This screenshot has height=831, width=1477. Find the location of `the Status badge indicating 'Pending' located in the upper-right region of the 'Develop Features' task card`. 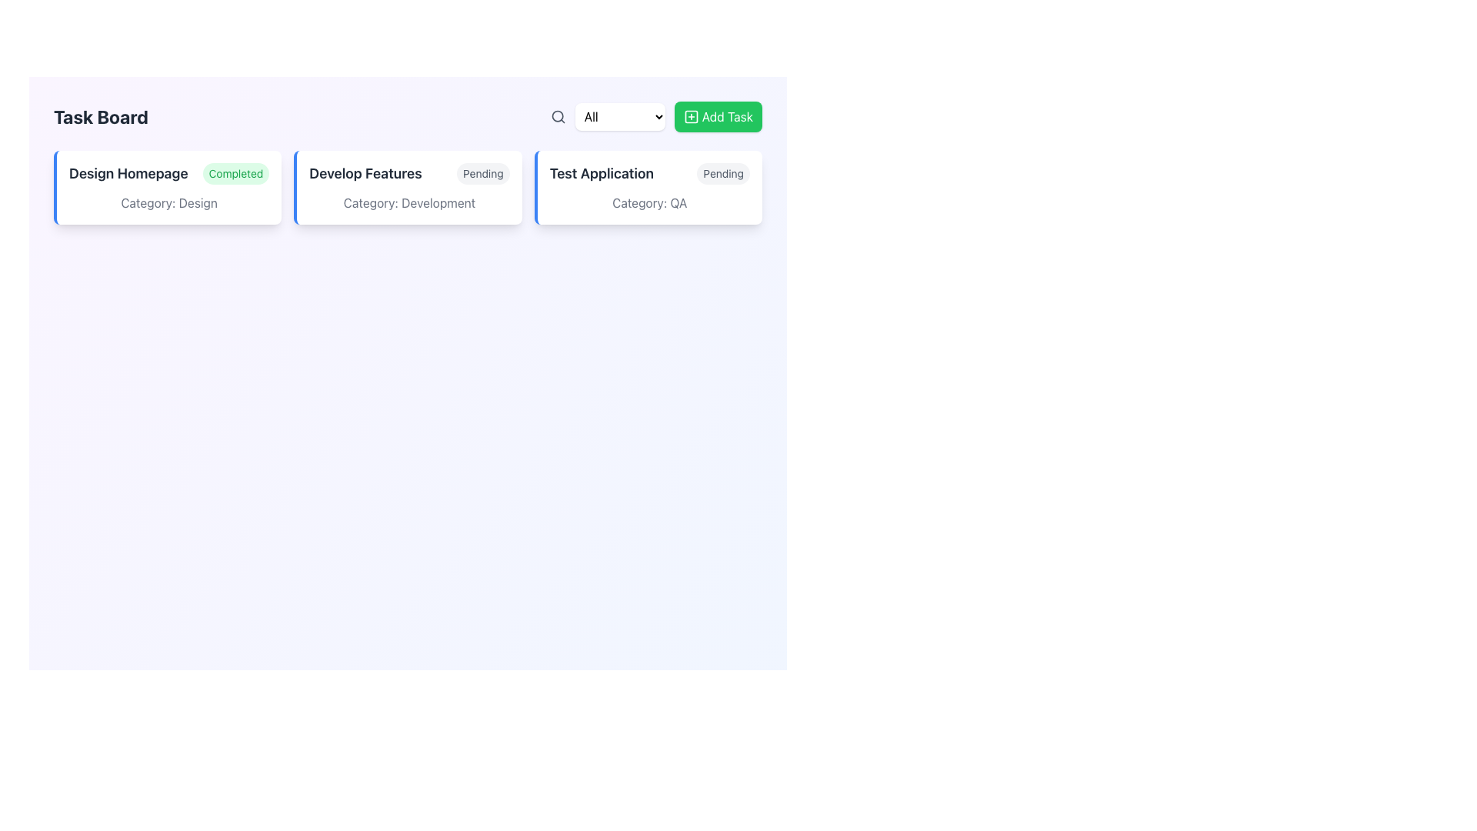

the Status badge indicating 'Pending' located in the upper-right region of the 'Develop Features' task card is located at coordinates (482, 173).